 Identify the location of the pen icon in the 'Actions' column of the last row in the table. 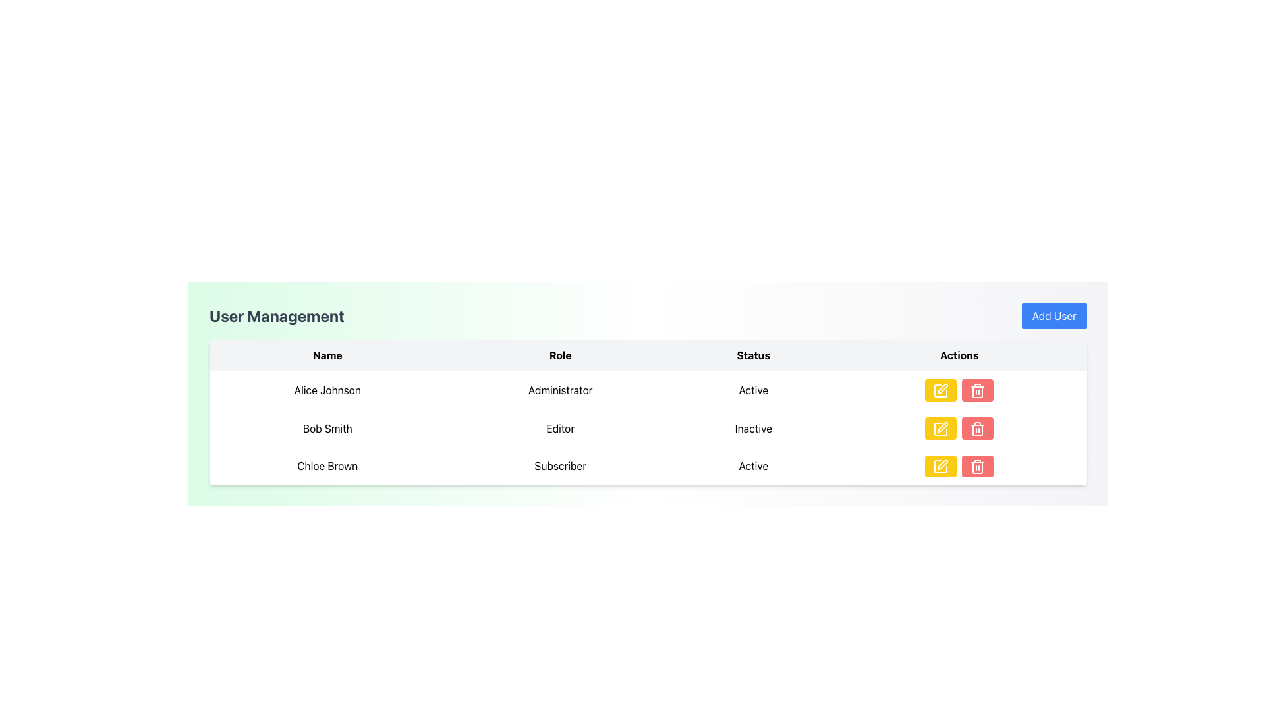
(942, 464).